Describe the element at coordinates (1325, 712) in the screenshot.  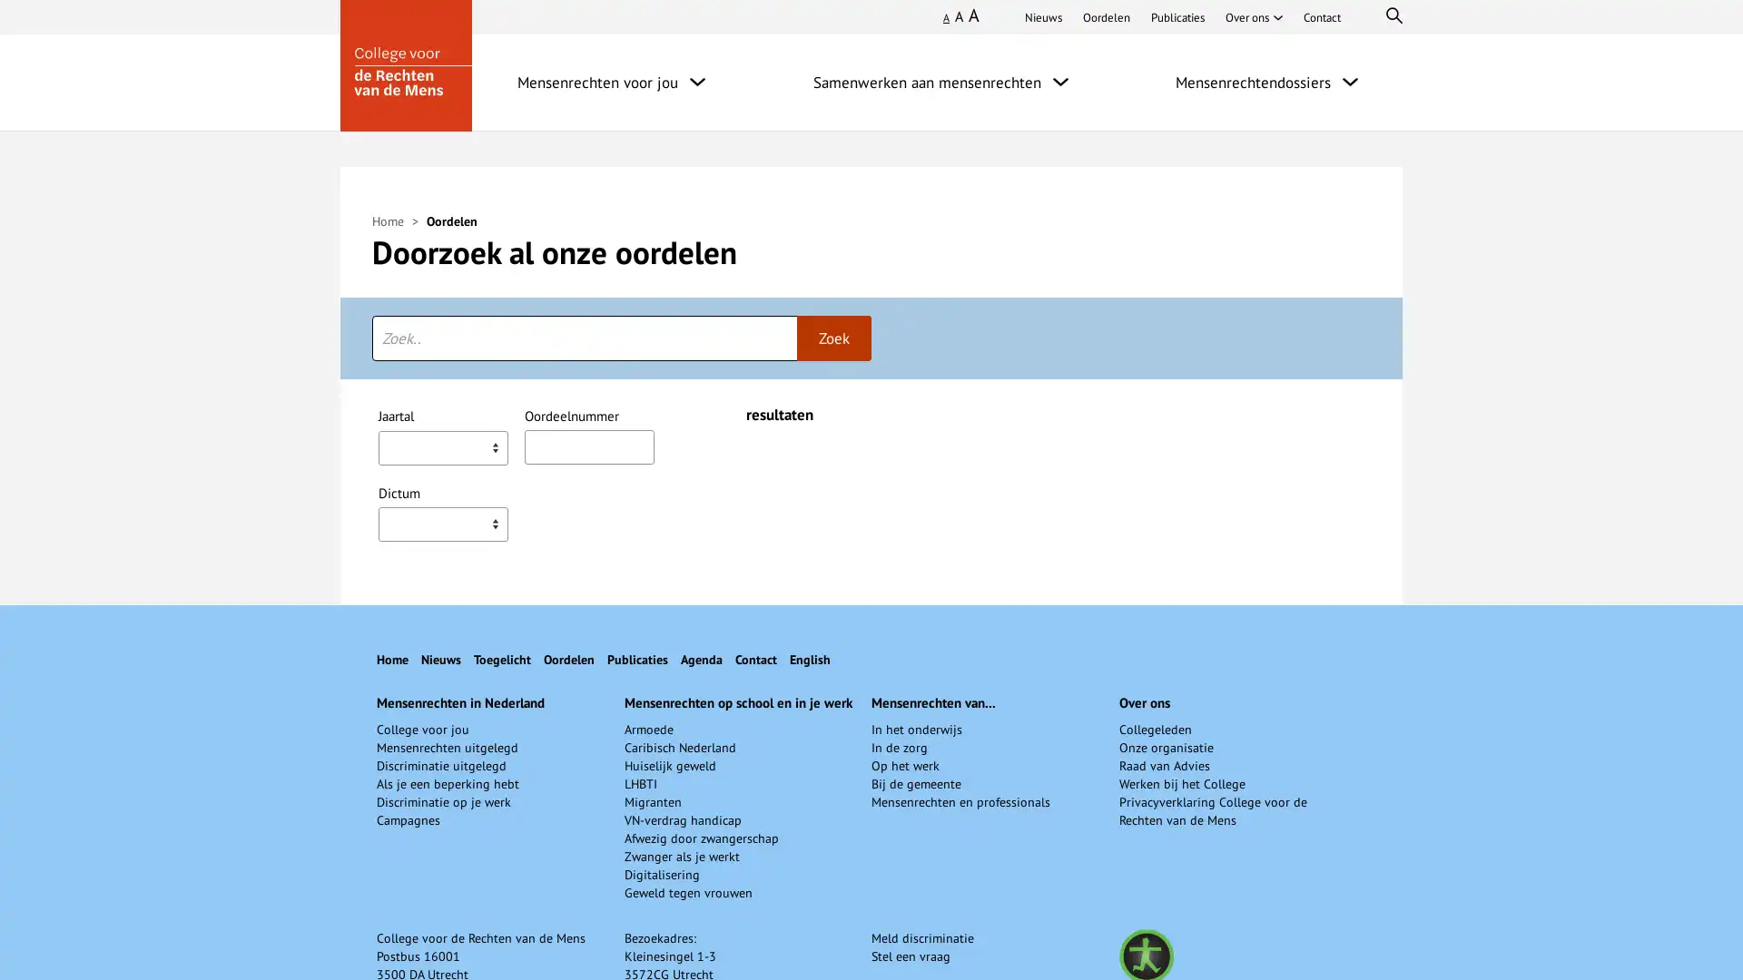
I see `Geslacht,` at that location.